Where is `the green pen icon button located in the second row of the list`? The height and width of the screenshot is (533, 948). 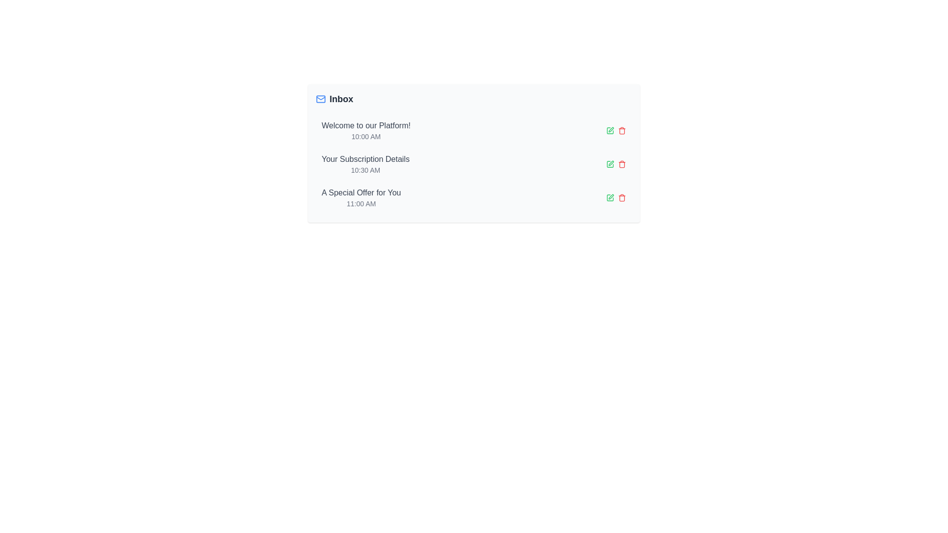 the green pen icon button located in the second row of the list is located at coordinates (609, 163).